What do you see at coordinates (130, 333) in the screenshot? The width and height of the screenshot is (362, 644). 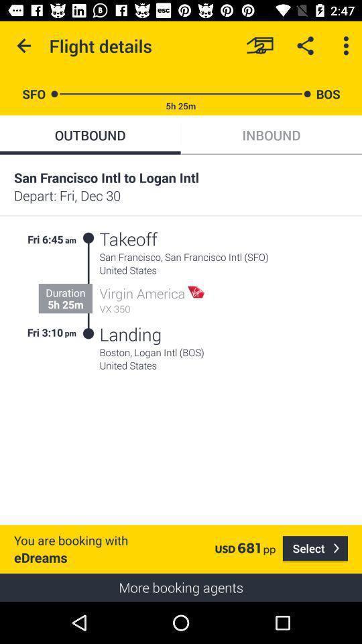 I see `landing item` at bounding box center [130, 333].